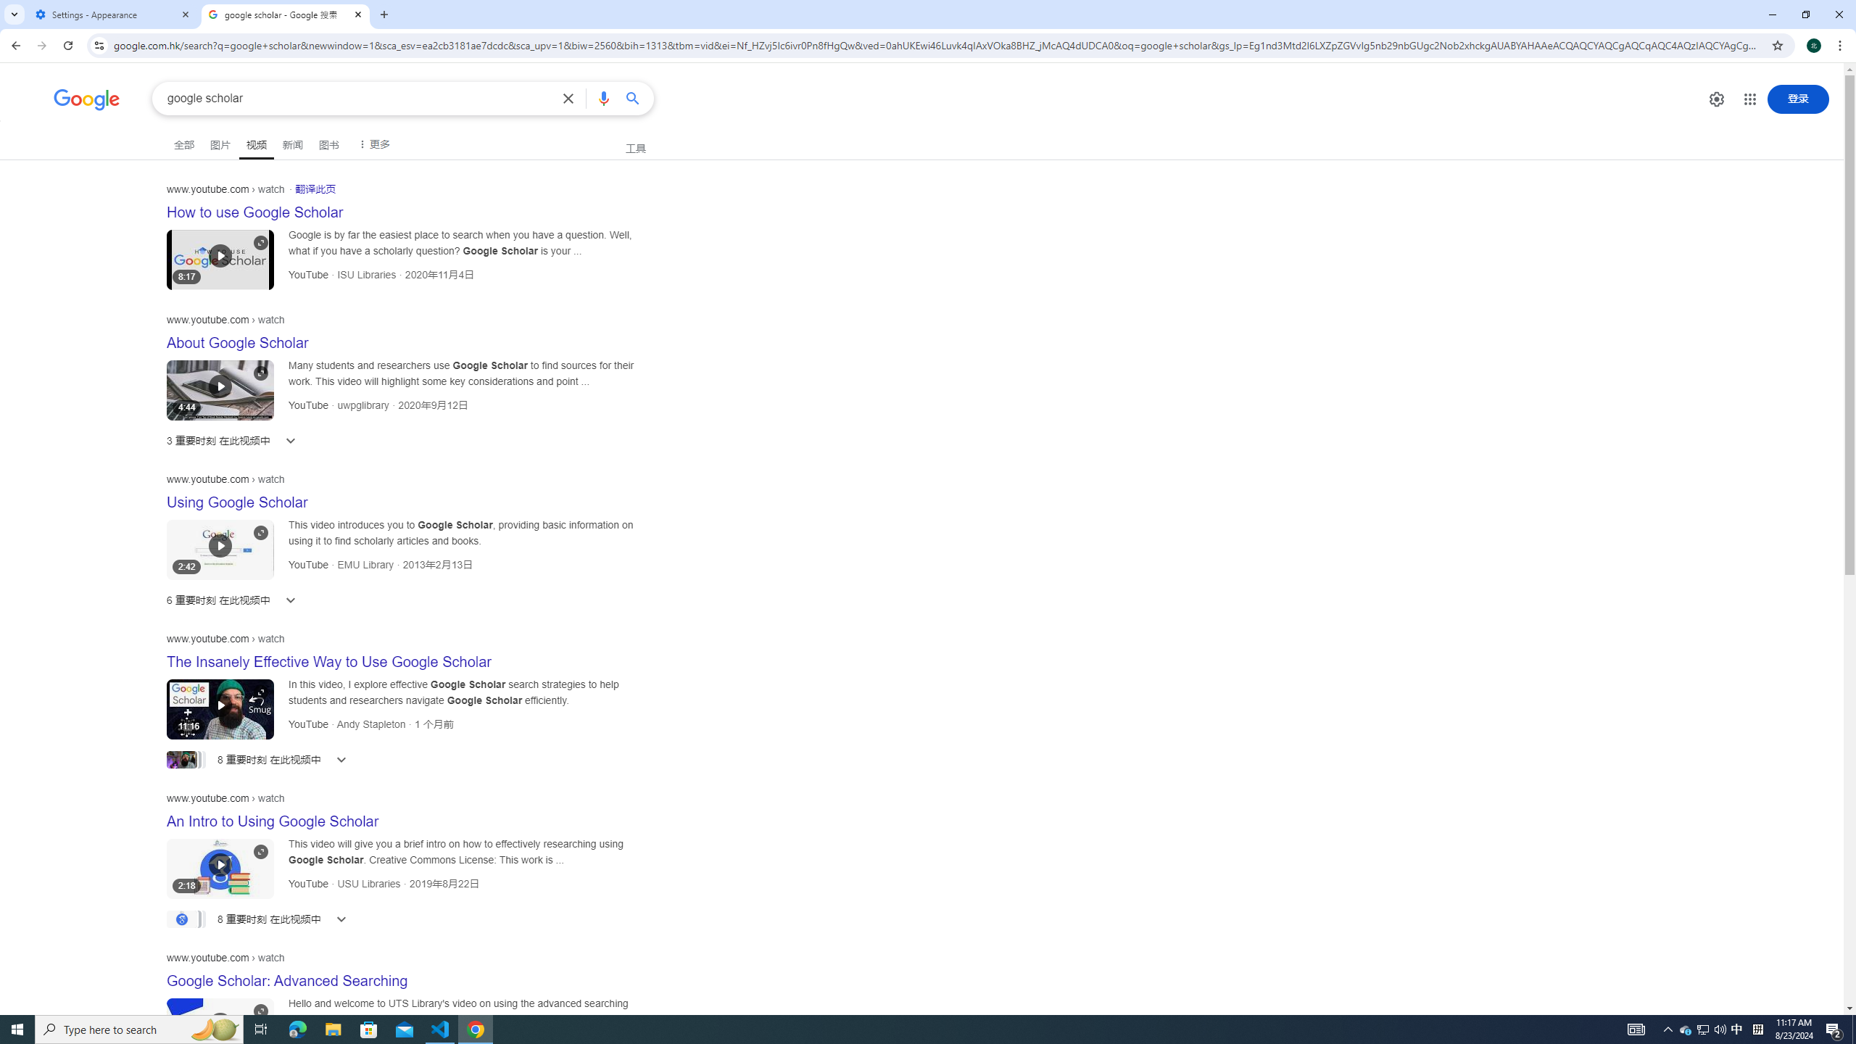 This screenshot has width=1856, height=1044. I want to click on 'Google', so click(86, 99).